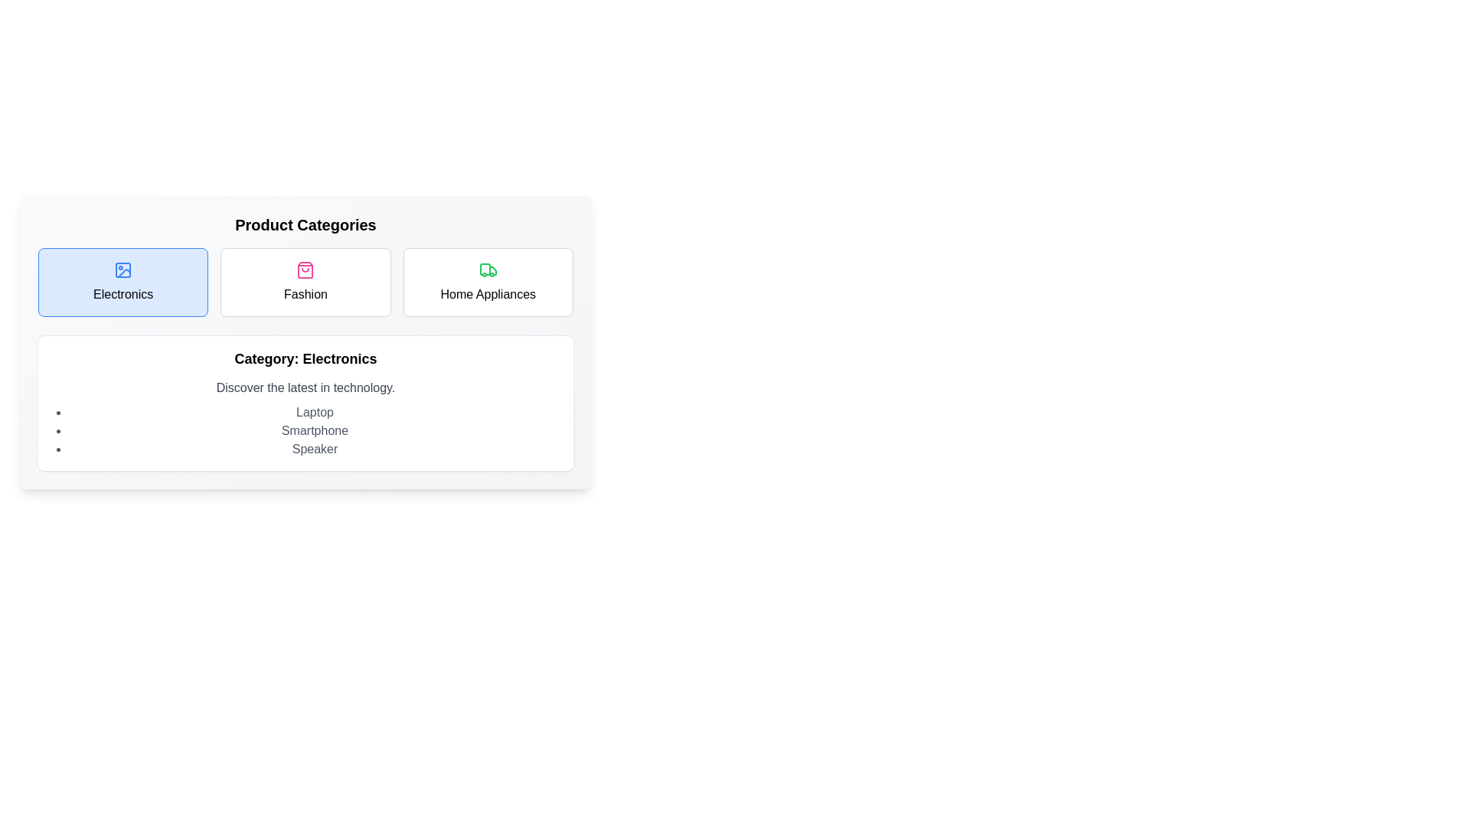 This screenshot has width=1470, height=827. What do you see at coordinates (123, 283) in the screenshot?
I see `the 'Electronics' button, which is a rectangular box with rounded corners, featuring a blue icon and the text 'Electronics' below it` at bounding box center [123, 283].